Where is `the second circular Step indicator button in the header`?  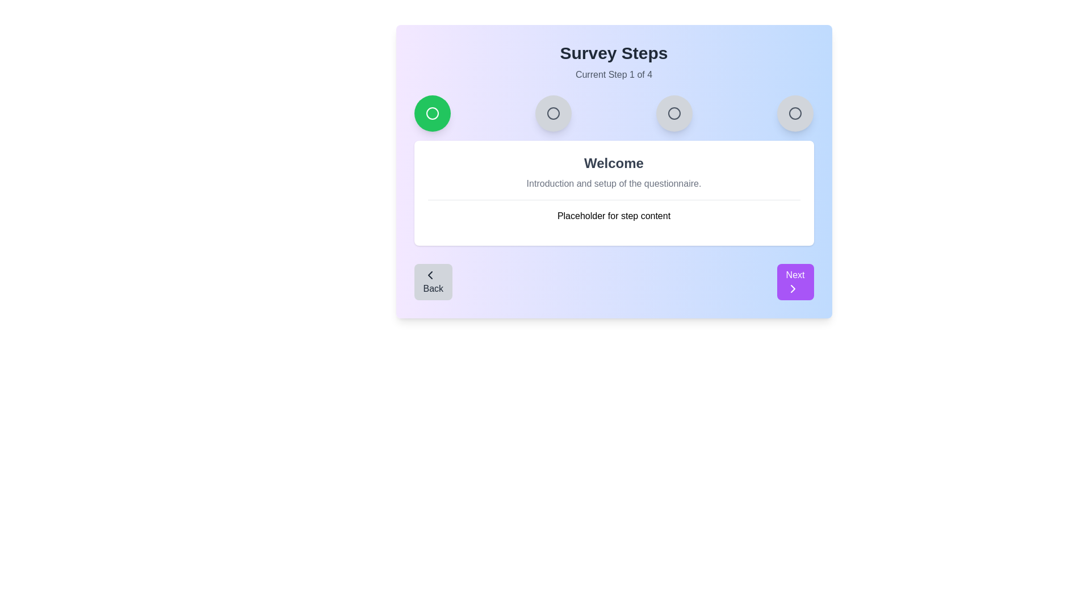 the second circular Step indicator button in the header is located at coordinates (553, 114).